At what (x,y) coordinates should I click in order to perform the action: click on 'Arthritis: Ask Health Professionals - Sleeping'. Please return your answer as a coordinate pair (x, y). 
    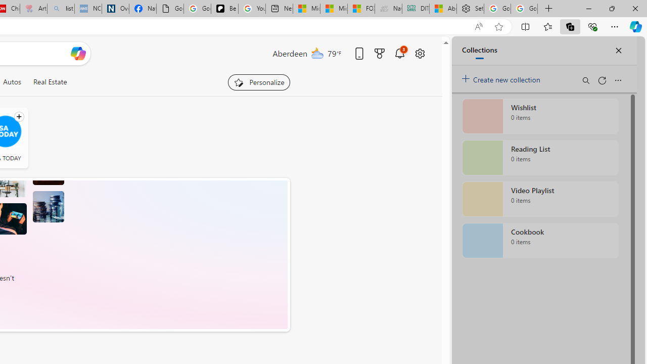
    Looking at the image, I should click on (33, 9).